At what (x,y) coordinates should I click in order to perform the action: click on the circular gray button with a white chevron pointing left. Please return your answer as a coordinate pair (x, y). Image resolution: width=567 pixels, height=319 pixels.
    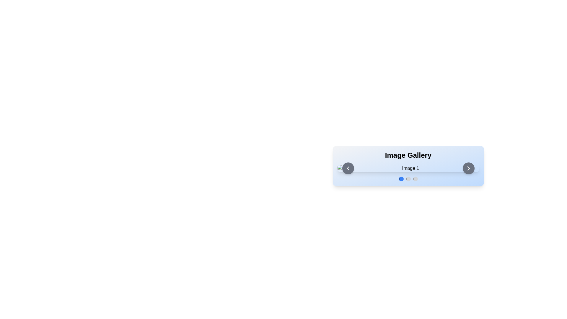
    Looking at the image, I should click on (348, 168).